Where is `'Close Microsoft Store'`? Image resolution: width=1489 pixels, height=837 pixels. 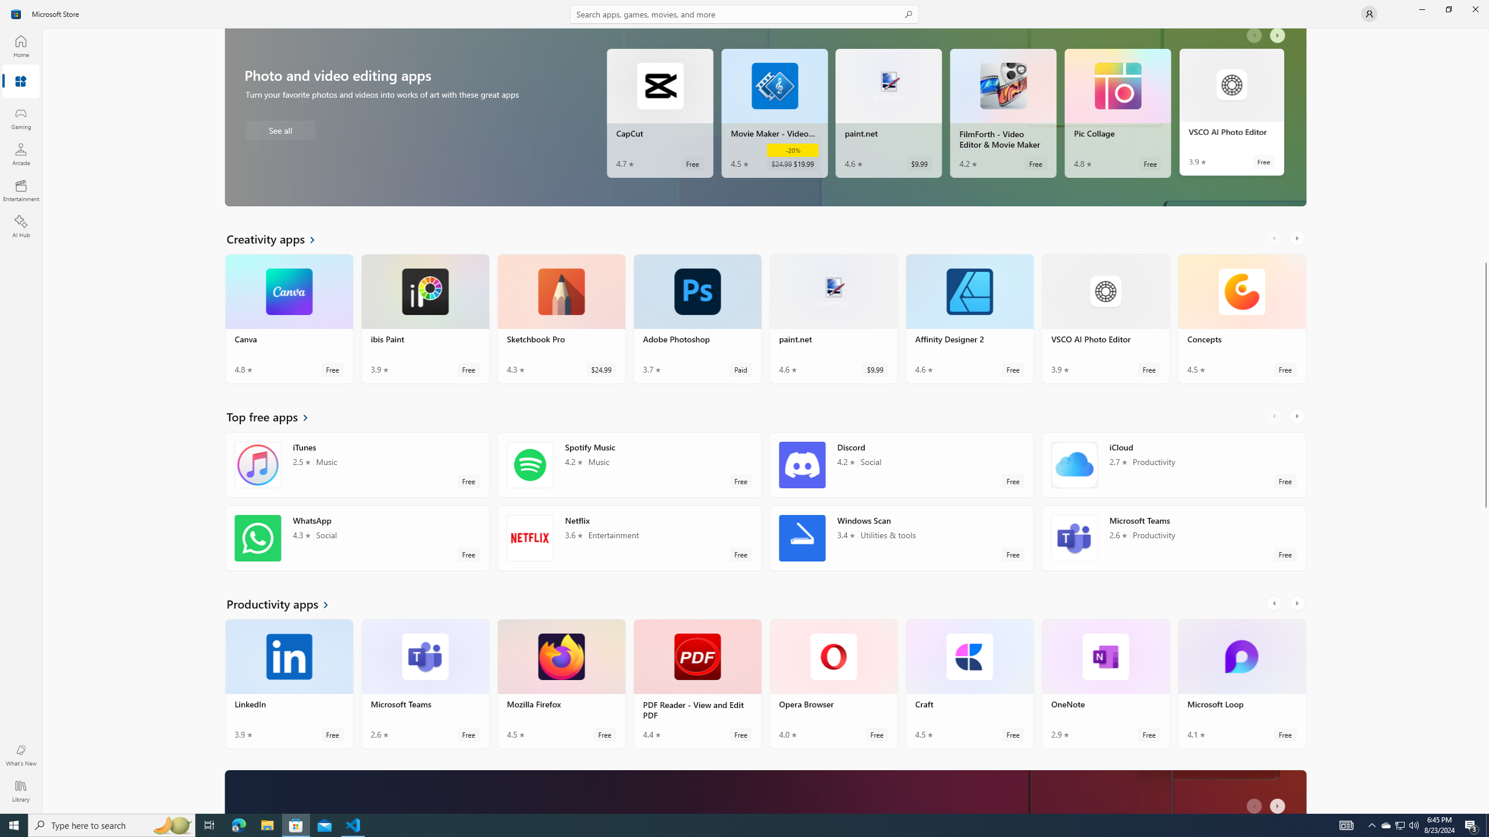 'Close Microsoft Store' is located at coordinates (1474, 9).